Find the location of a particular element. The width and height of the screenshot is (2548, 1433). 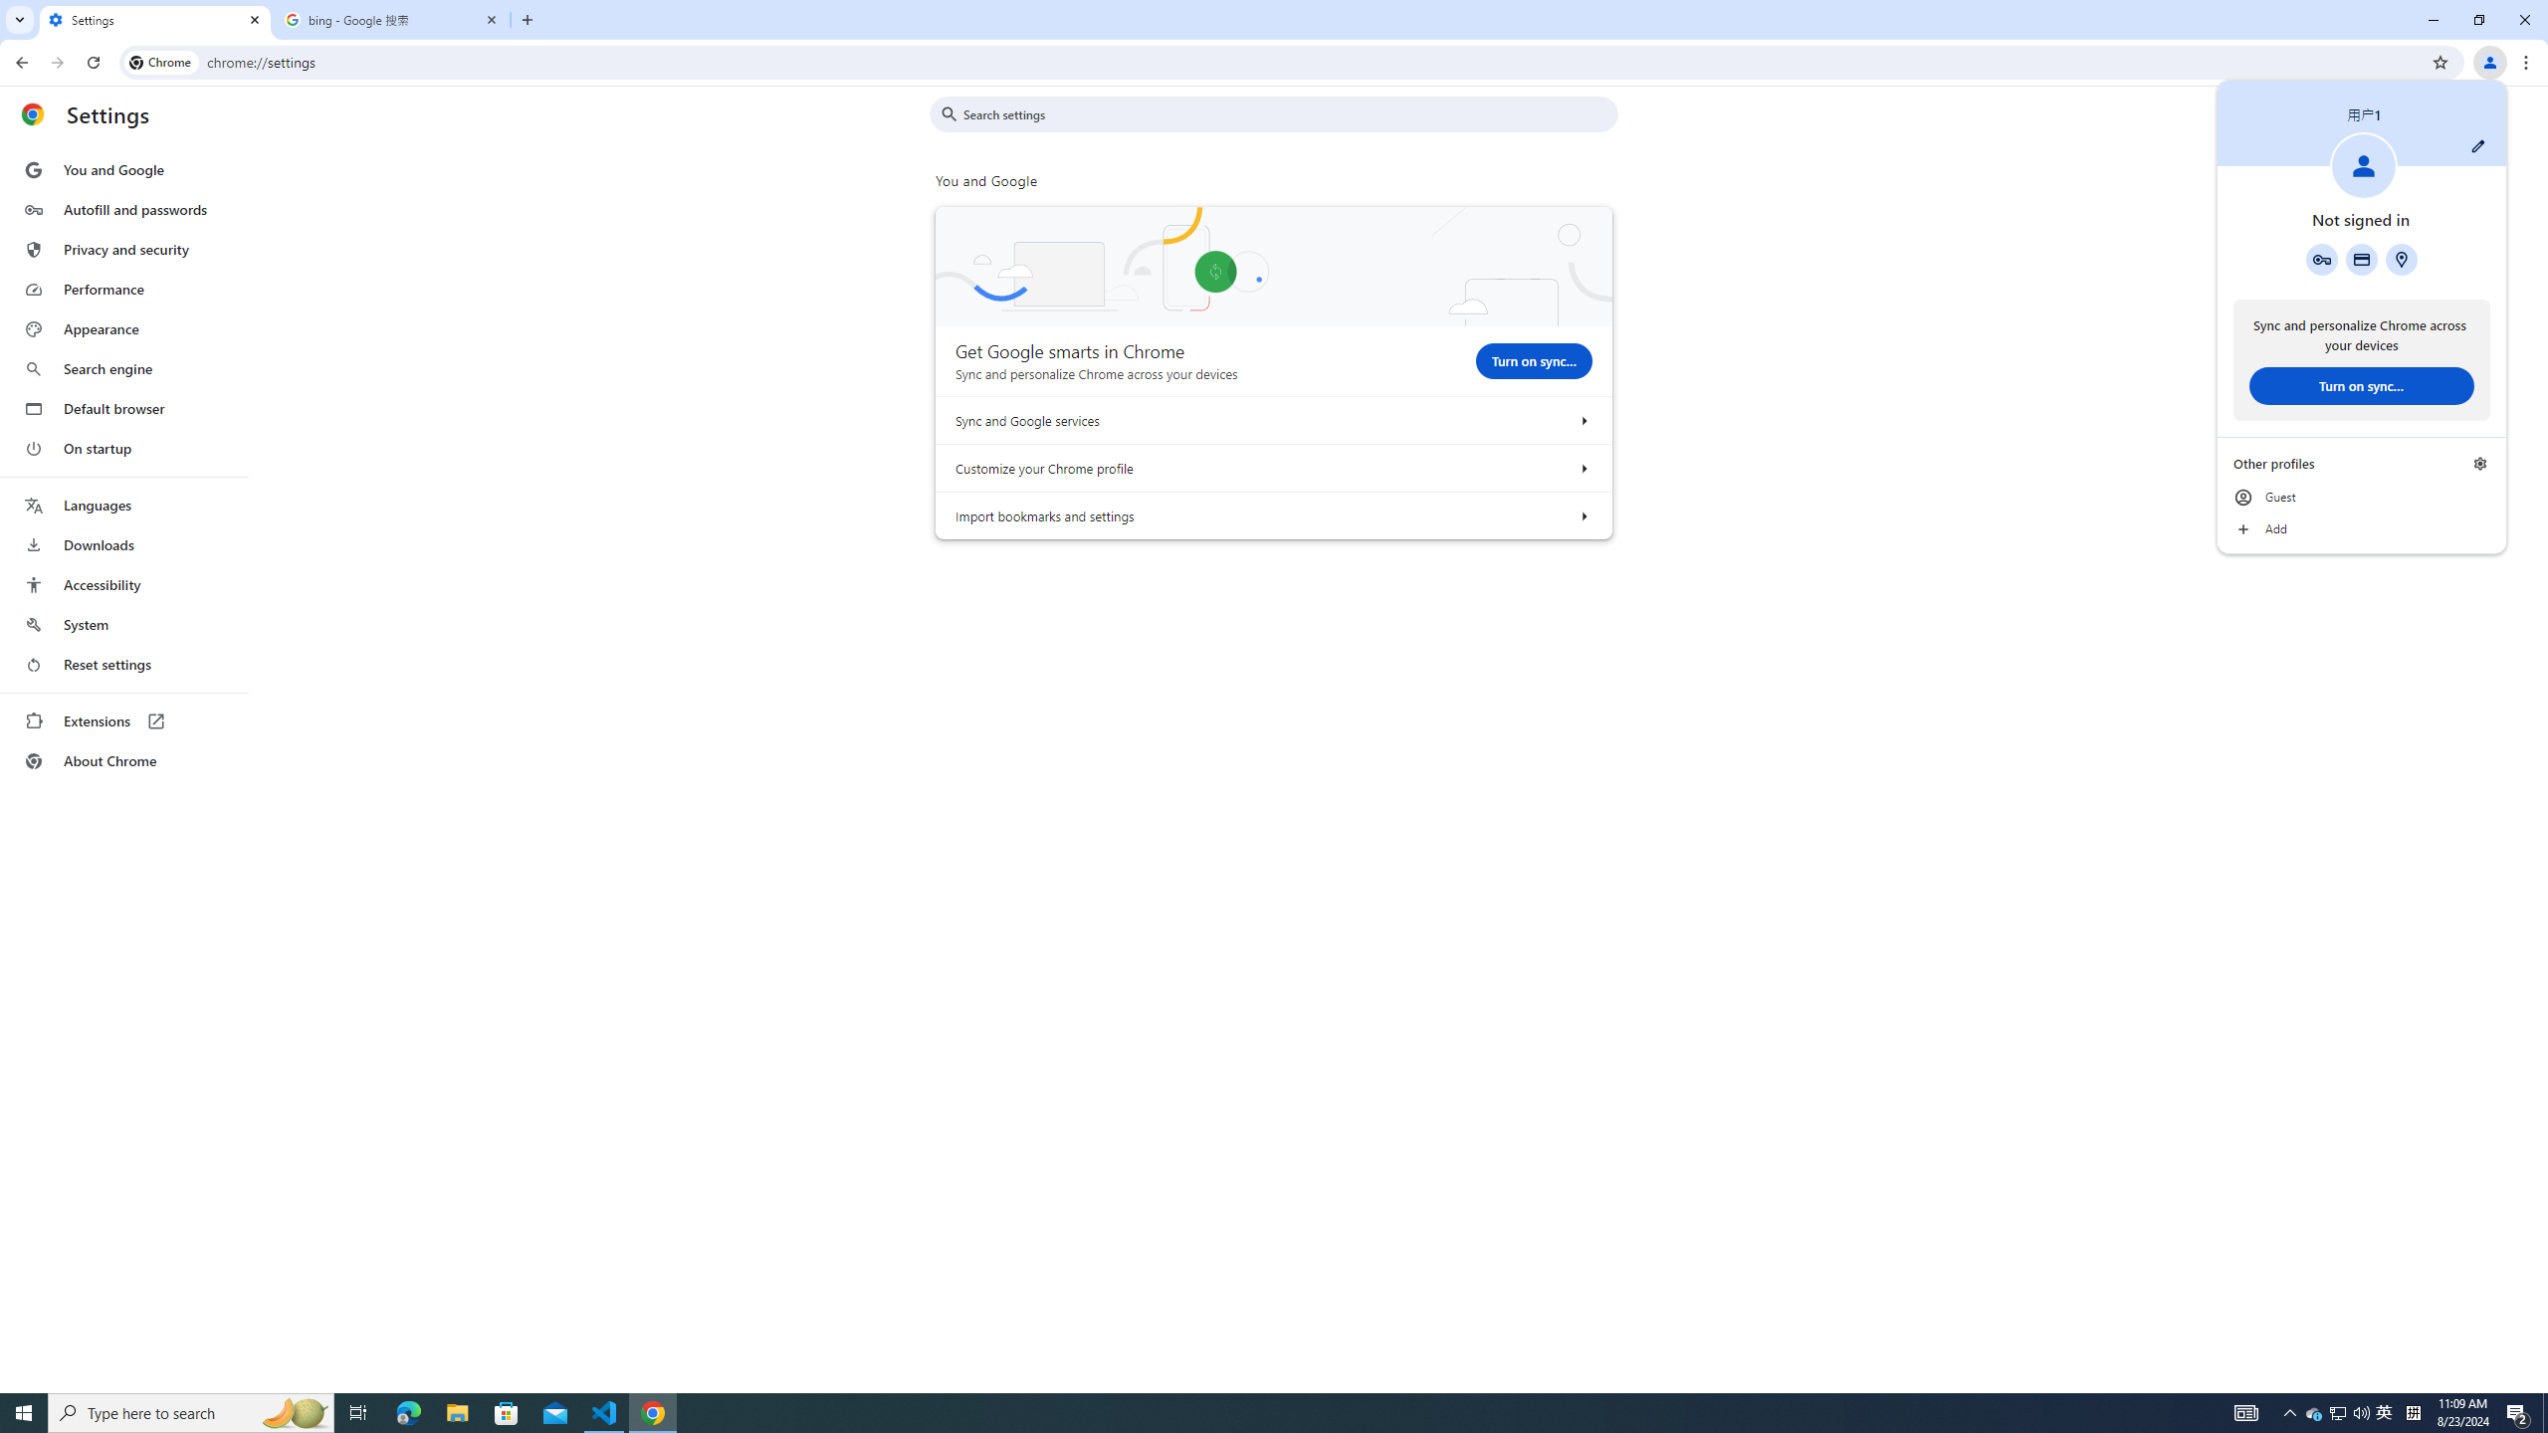

'Microsoft Edge' is located at coordinates (407, 1411).